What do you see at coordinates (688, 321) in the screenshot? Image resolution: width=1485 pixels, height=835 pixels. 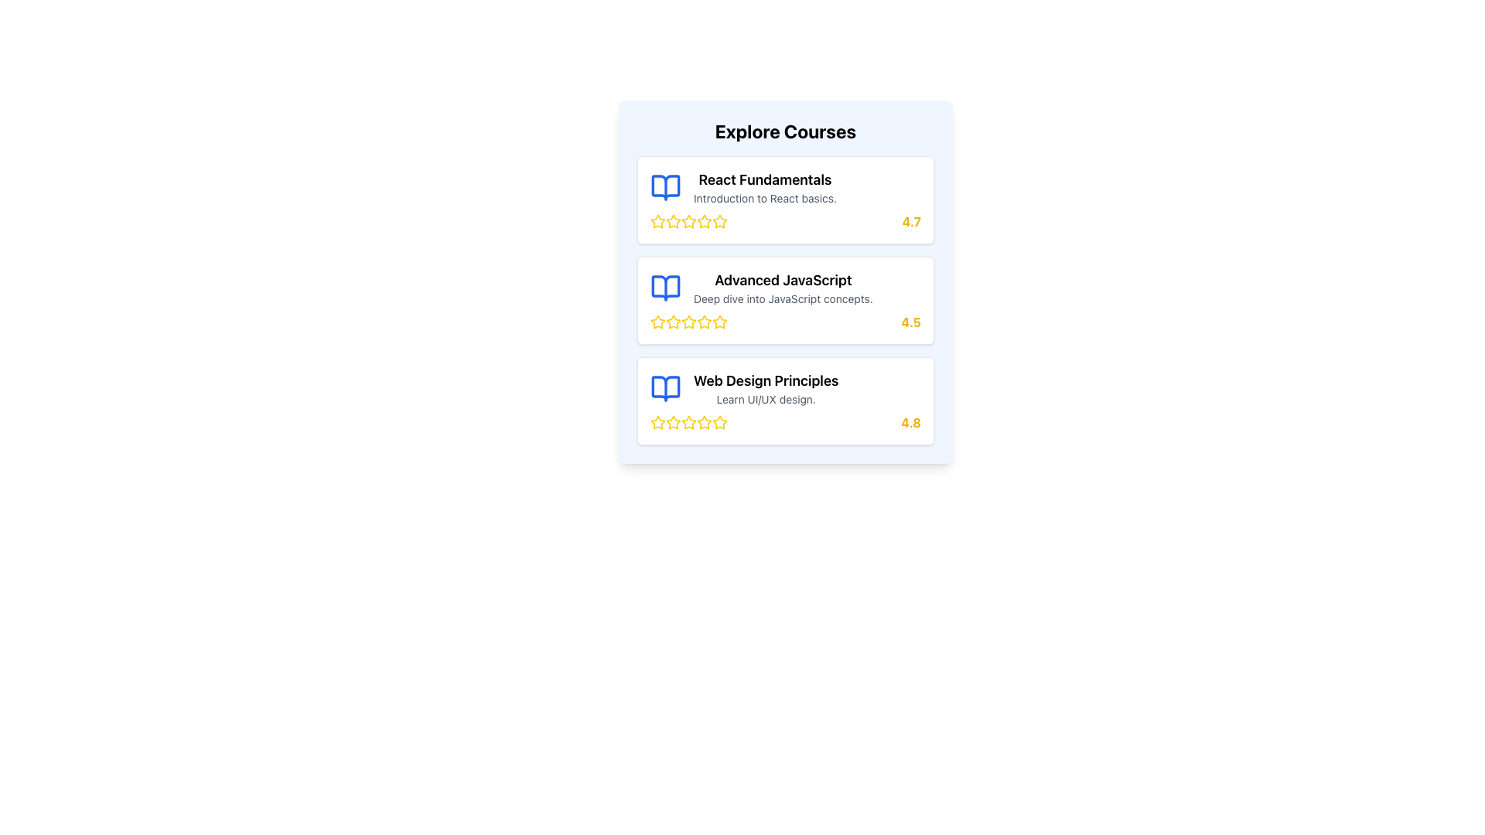 I see `the third star icon in the 5-star rating system under the 'Advanced JavaScript' course card, which is filled and contributes to the rating of '4.5'` at bounding box center [688, 321].